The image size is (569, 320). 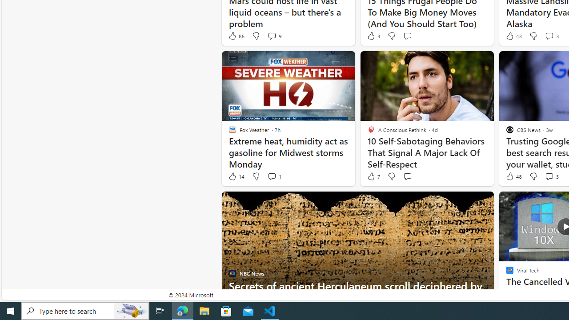 I want to click on 'View comments 3 Comment', so click(x=549, y=176).